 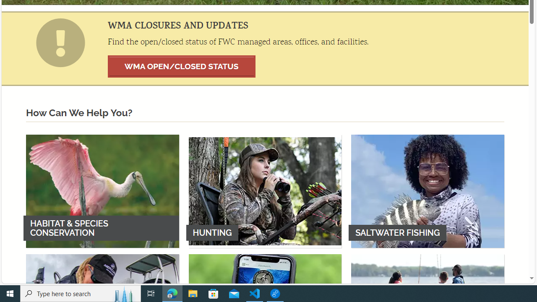 I want to click on 'WMA OPEN/CLOSED STATUS', so click(x=181, y=66).